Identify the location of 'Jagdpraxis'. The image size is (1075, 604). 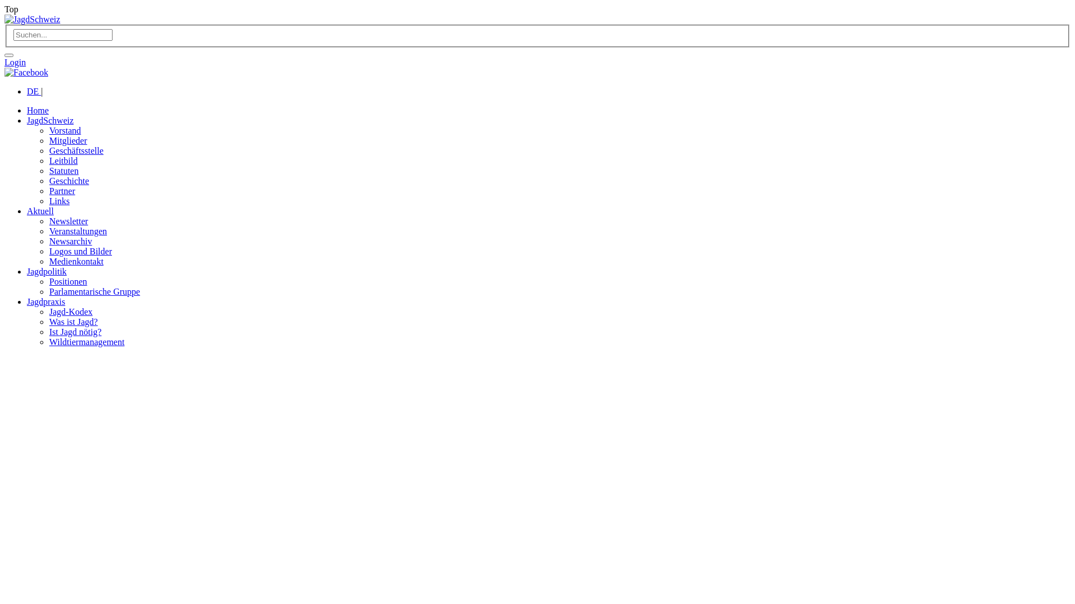
(27, 301).